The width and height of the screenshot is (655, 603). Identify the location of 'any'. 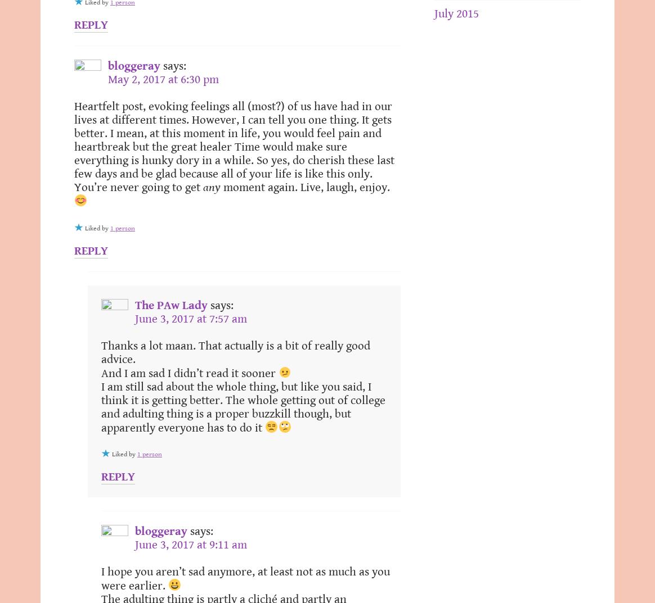
(211, 188).